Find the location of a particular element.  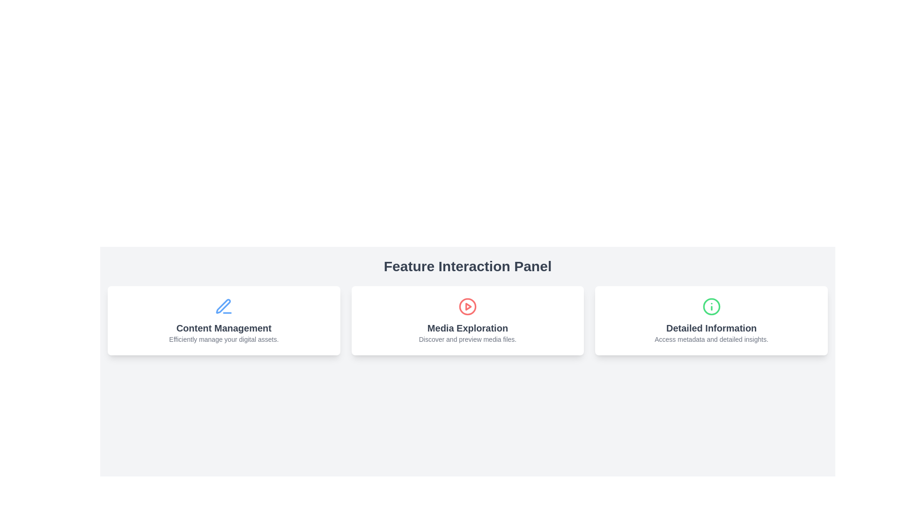

the bolded text label 'Media Exploration' within the central interactive panel under 'Feature Interaction Panel', which is styled in a larger font size and dark gray color is located at coordinates (467, 328).